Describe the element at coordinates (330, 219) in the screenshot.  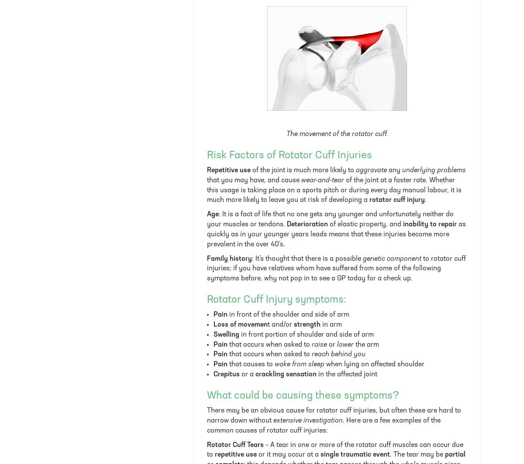
I see `': It is a fact of life that no one gets any younger and unfortunately neither do your muscles or tendons.'` at that location.